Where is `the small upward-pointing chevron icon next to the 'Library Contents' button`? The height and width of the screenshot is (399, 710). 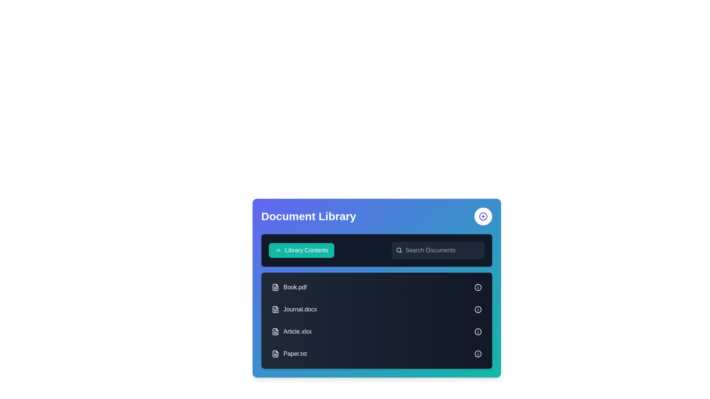
the small upward-pointing chevron icon next to the 'Library Contents' button is located at coordinates (278, 250).